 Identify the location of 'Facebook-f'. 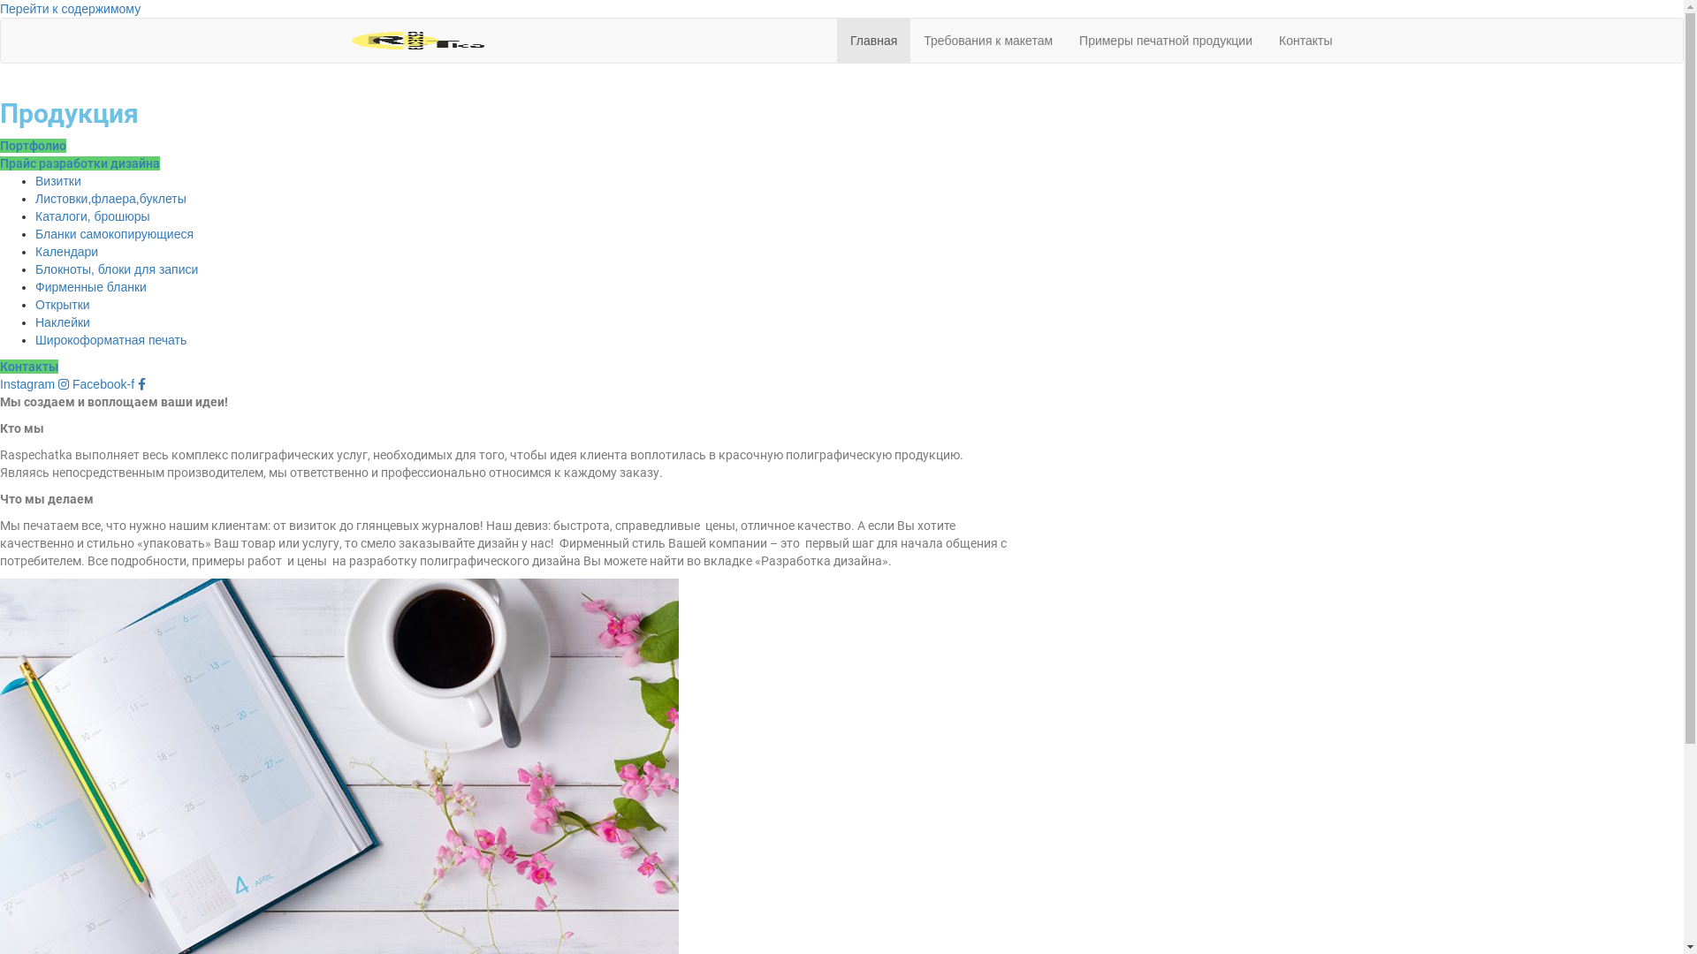
(71, 383).